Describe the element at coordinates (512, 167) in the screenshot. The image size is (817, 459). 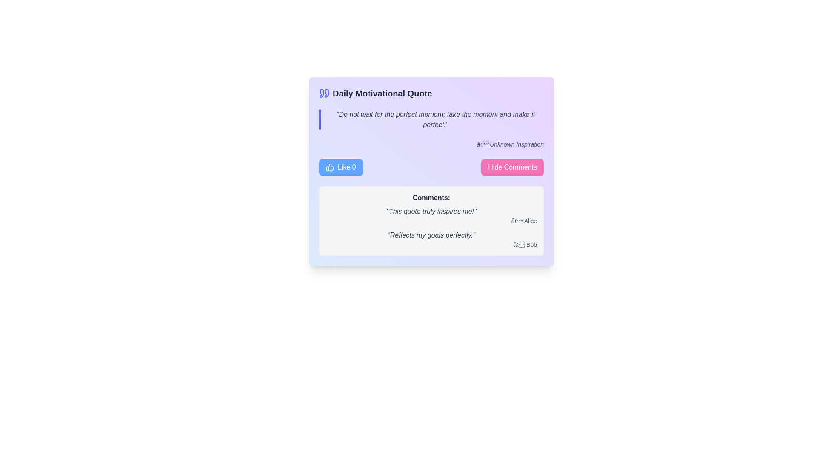
I see `the 'Hide Comments' button, which is a vibrant pink rectangular button with rounded corners located in the header section of the comment box` at that location.